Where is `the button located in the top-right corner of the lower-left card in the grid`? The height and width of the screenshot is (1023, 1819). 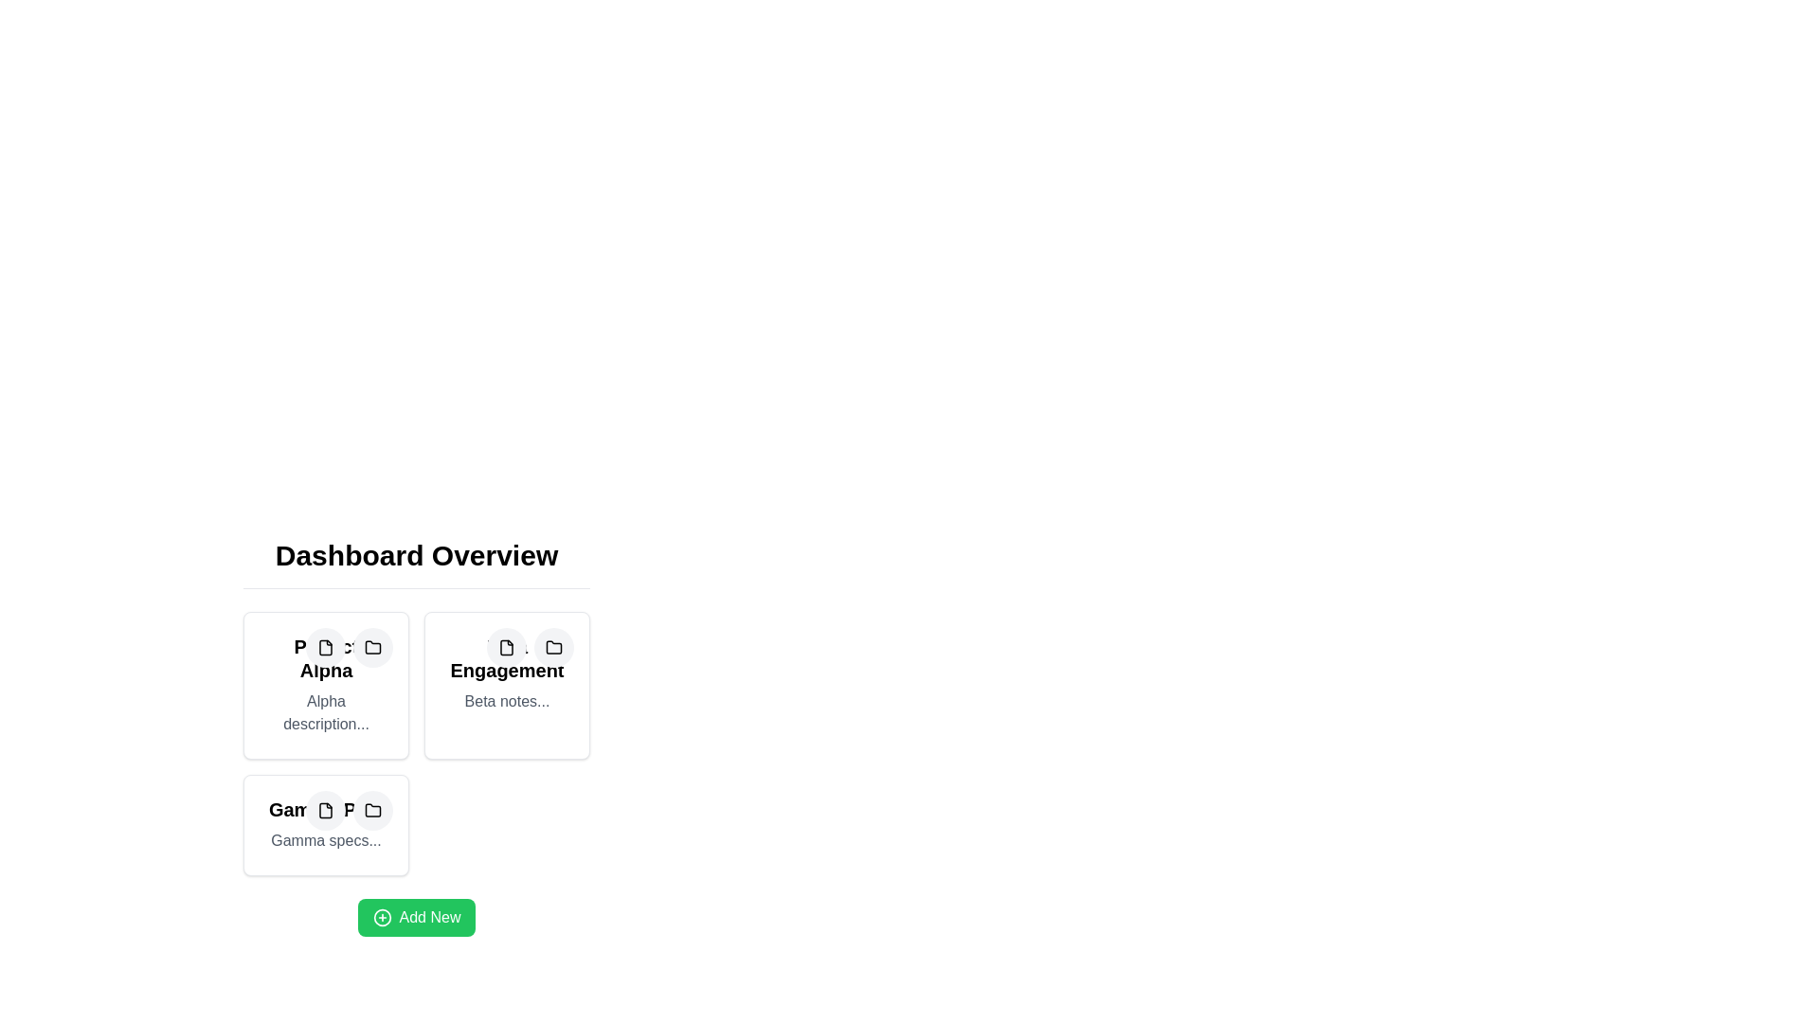
the button located in the top-right corner of the lower-left card in the grid is located at coordinates (326, 810).